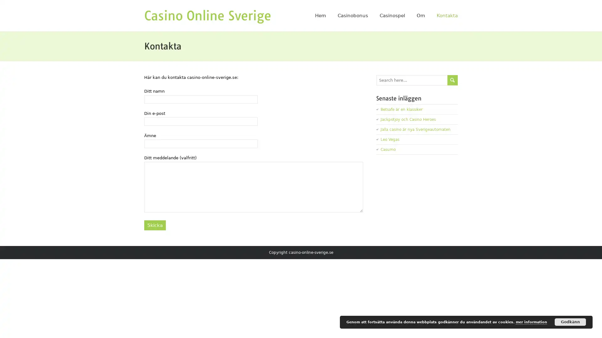 This screenshot has height=338, width=602. Describe the element at coordinates (452, 79) in the screenshot. I see `send` at that location.